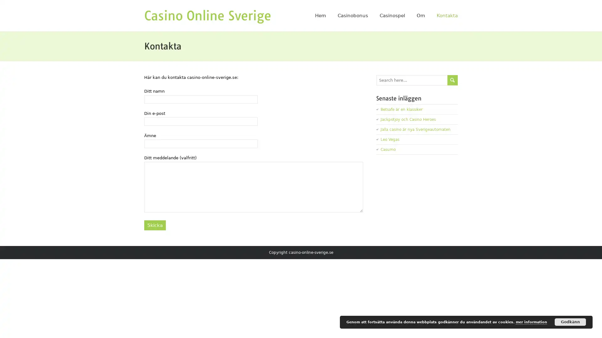 This screenshot has height=338, width=602. Describe the element at coordinates (452, 79) in the screenshot. I see `send` at that location.